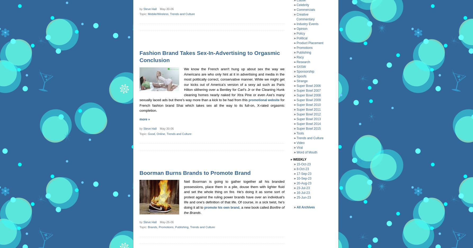 This screenshot has height=248, width=473. I want to click on 'Industry Events', so click(296, 24).